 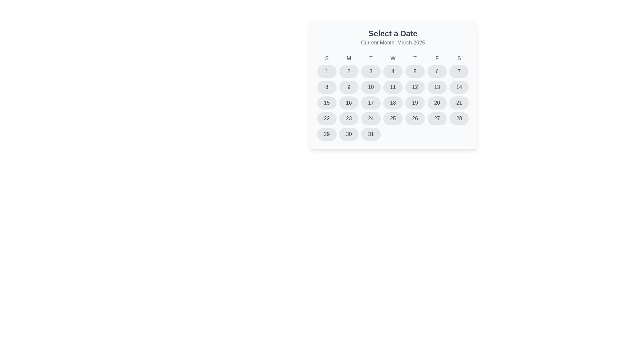 I want to click on the static text element representing 'Thursday' in the date picker, which is the fifth entry in the list of days of the week, so click(x=414, y=58).